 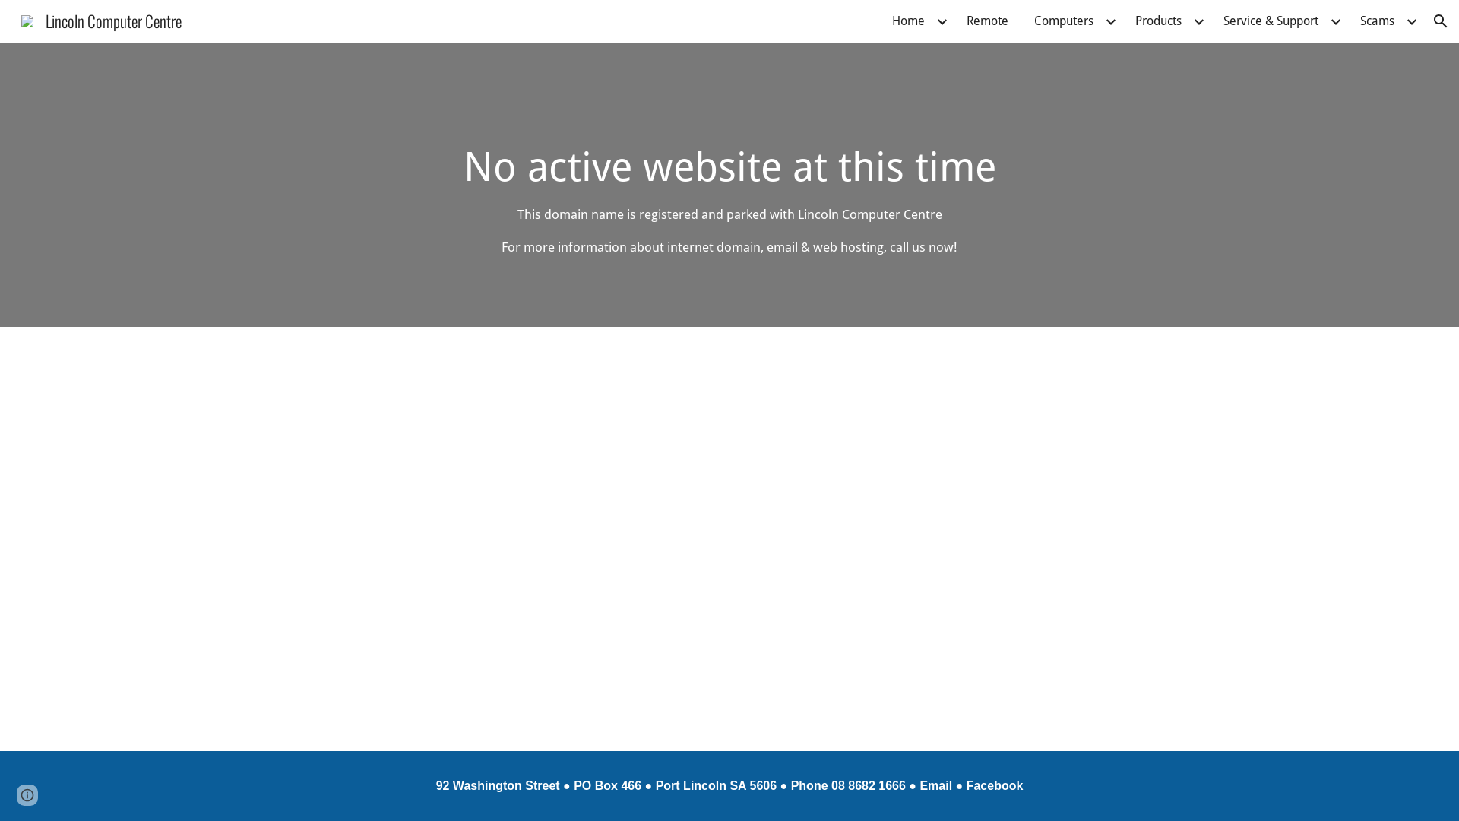 What do you see at coordinates (987, 21) in the screenshot?
I see `'Remote'` at bounding box center [987, 21].